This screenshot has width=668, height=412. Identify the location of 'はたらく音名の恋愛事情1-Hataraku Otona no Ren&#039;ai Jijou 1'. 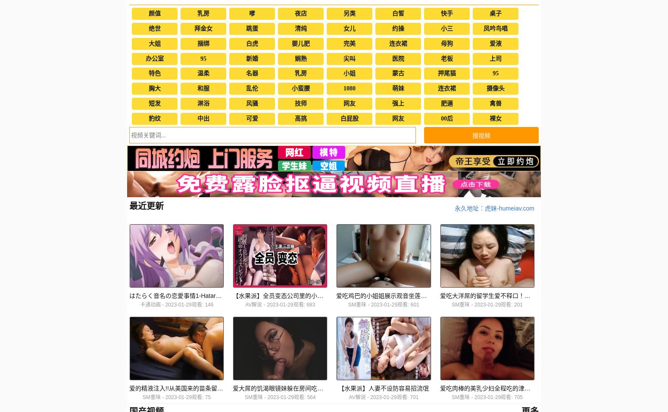
(218, 296).